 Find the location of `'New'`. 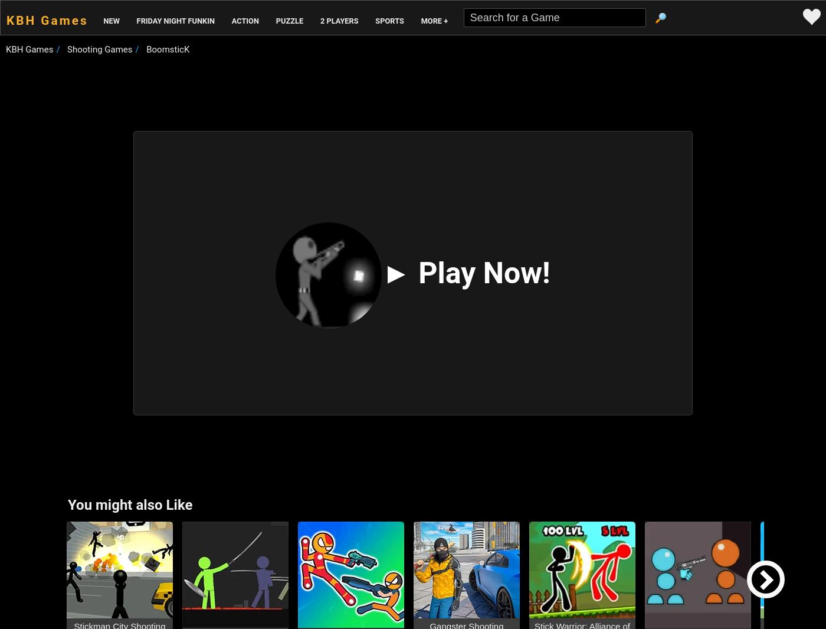

'New' is located at coordinates (111, 20).